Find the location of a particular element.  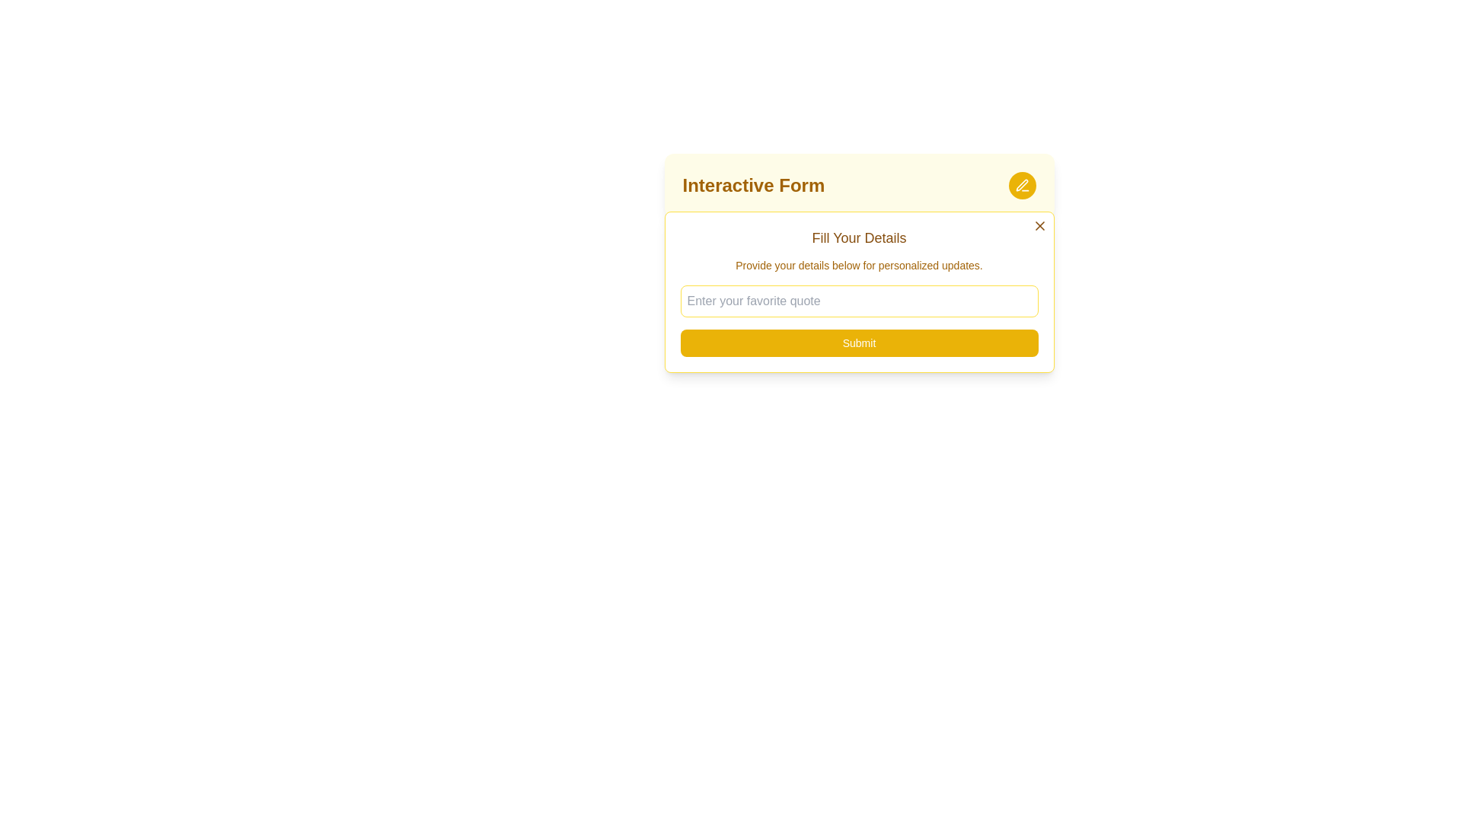

the close icon located at the top-right corner of the form is located at coordinates (1039, 226).